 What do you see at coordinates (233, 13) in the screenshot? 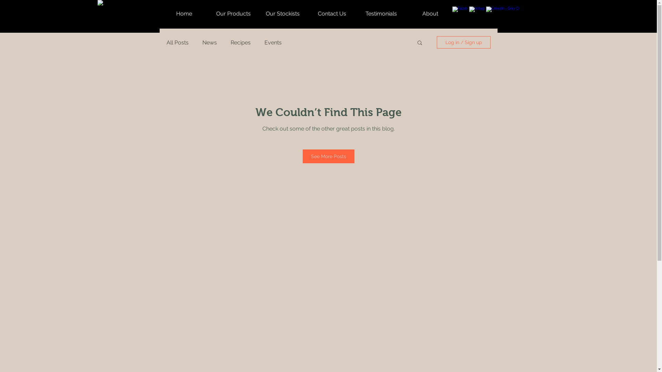
I see `'Our Products'` at bounding box center [233, 13].